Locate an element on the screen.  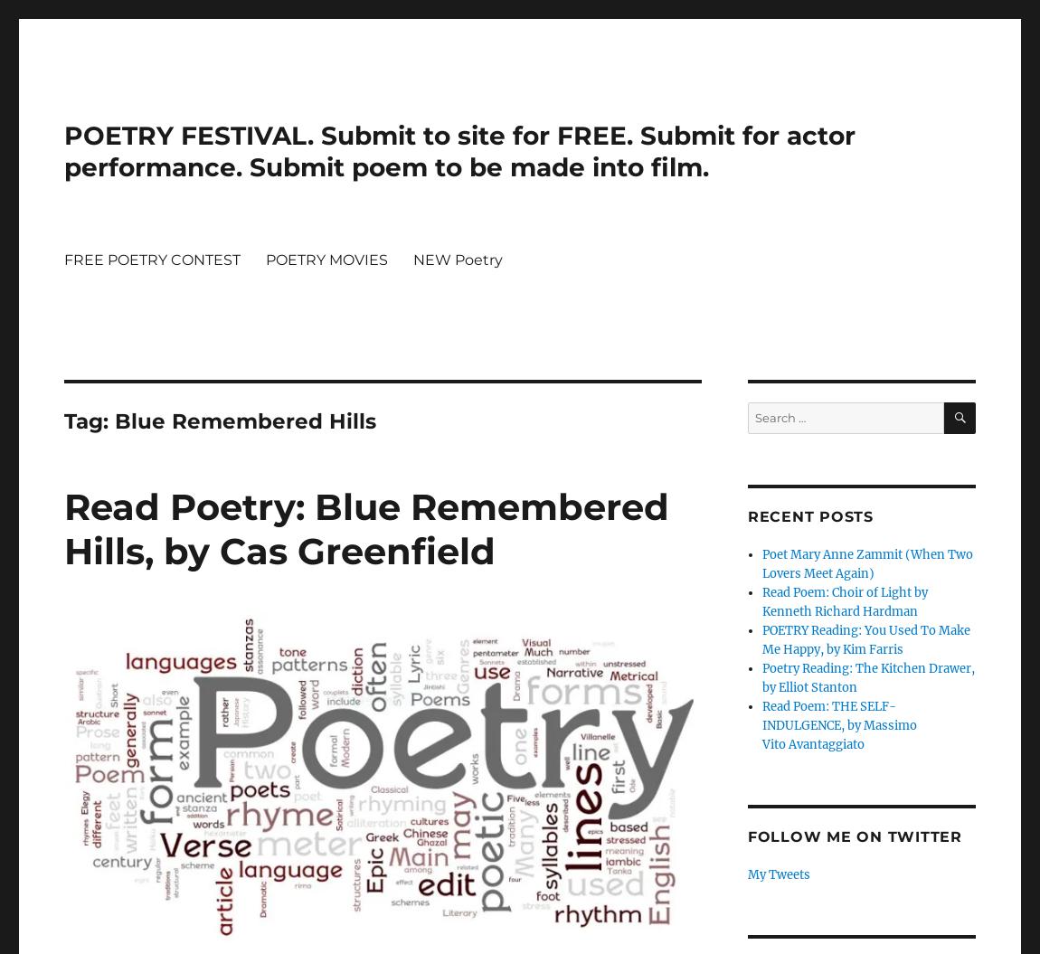
'Read Poem: Choir of Light by Kenneth Richard Hardman' is located at coordinates (845, 601).